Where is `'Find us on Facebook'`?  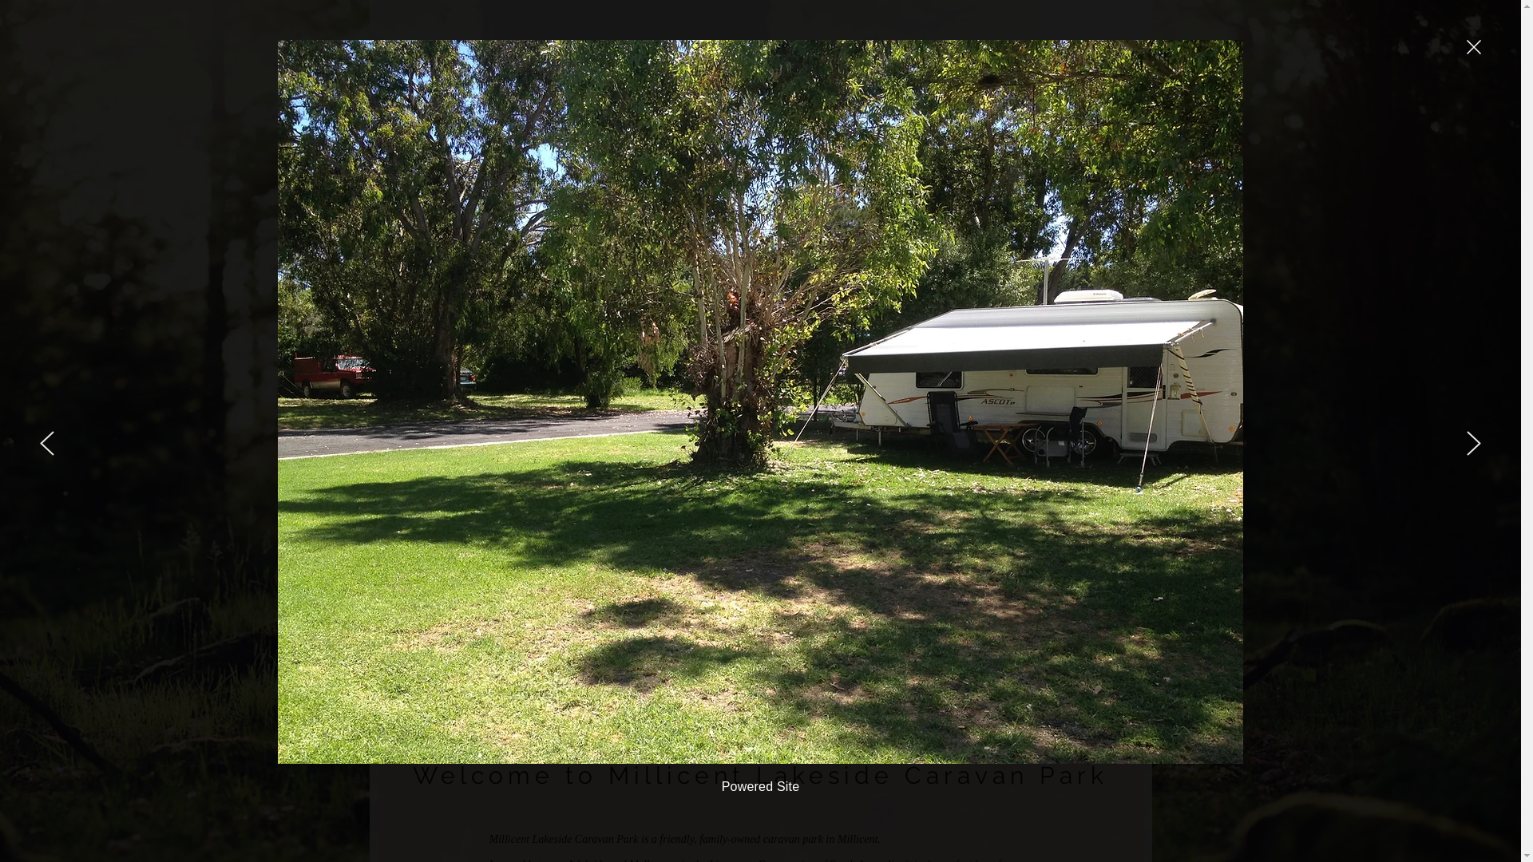
'Find us on Facebook' is located at coordinates (1080, 128).